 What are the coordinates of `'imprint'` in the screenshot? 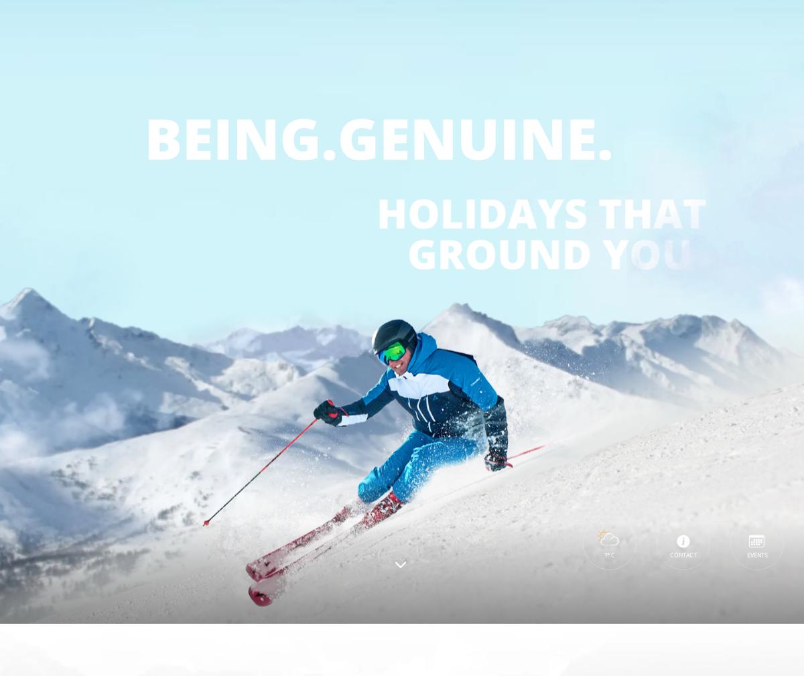 It's located at (64, 532).